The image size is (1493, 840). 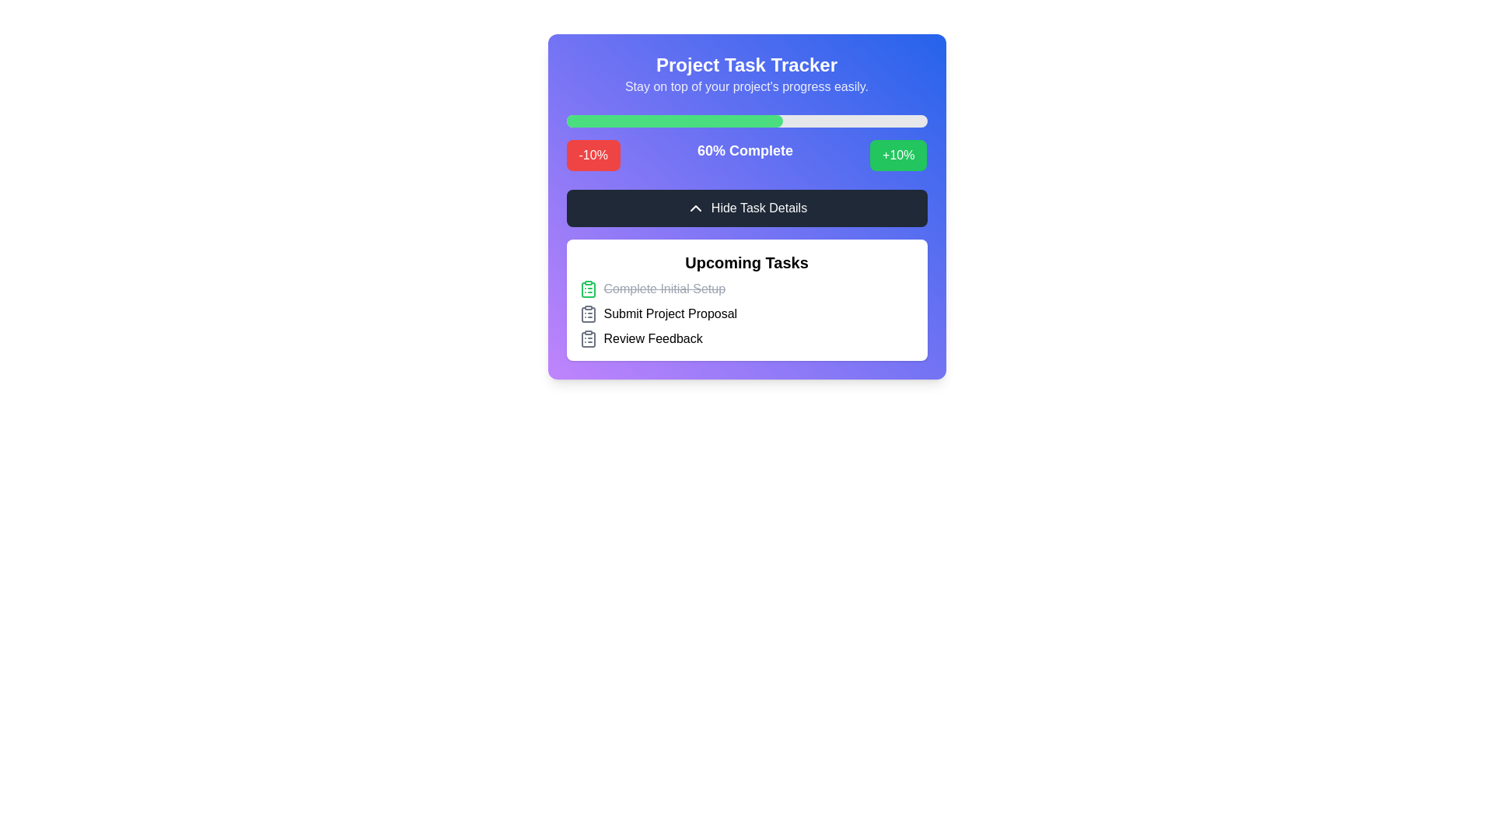 I want to click on the completed task Text label located as the first item in the 'Upcoming Tasks' list below the progress bar section, so click(x=664, y=289).